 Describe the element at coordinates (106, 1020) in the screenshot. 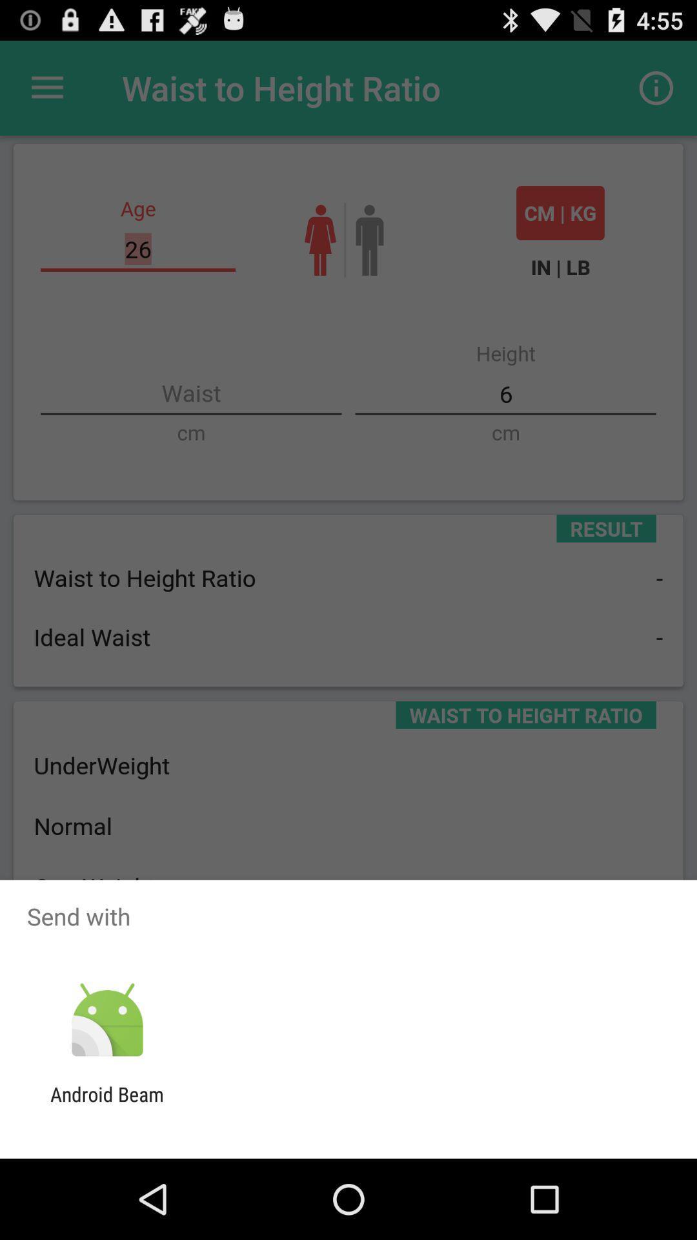

I see `icon below send with` at that location.